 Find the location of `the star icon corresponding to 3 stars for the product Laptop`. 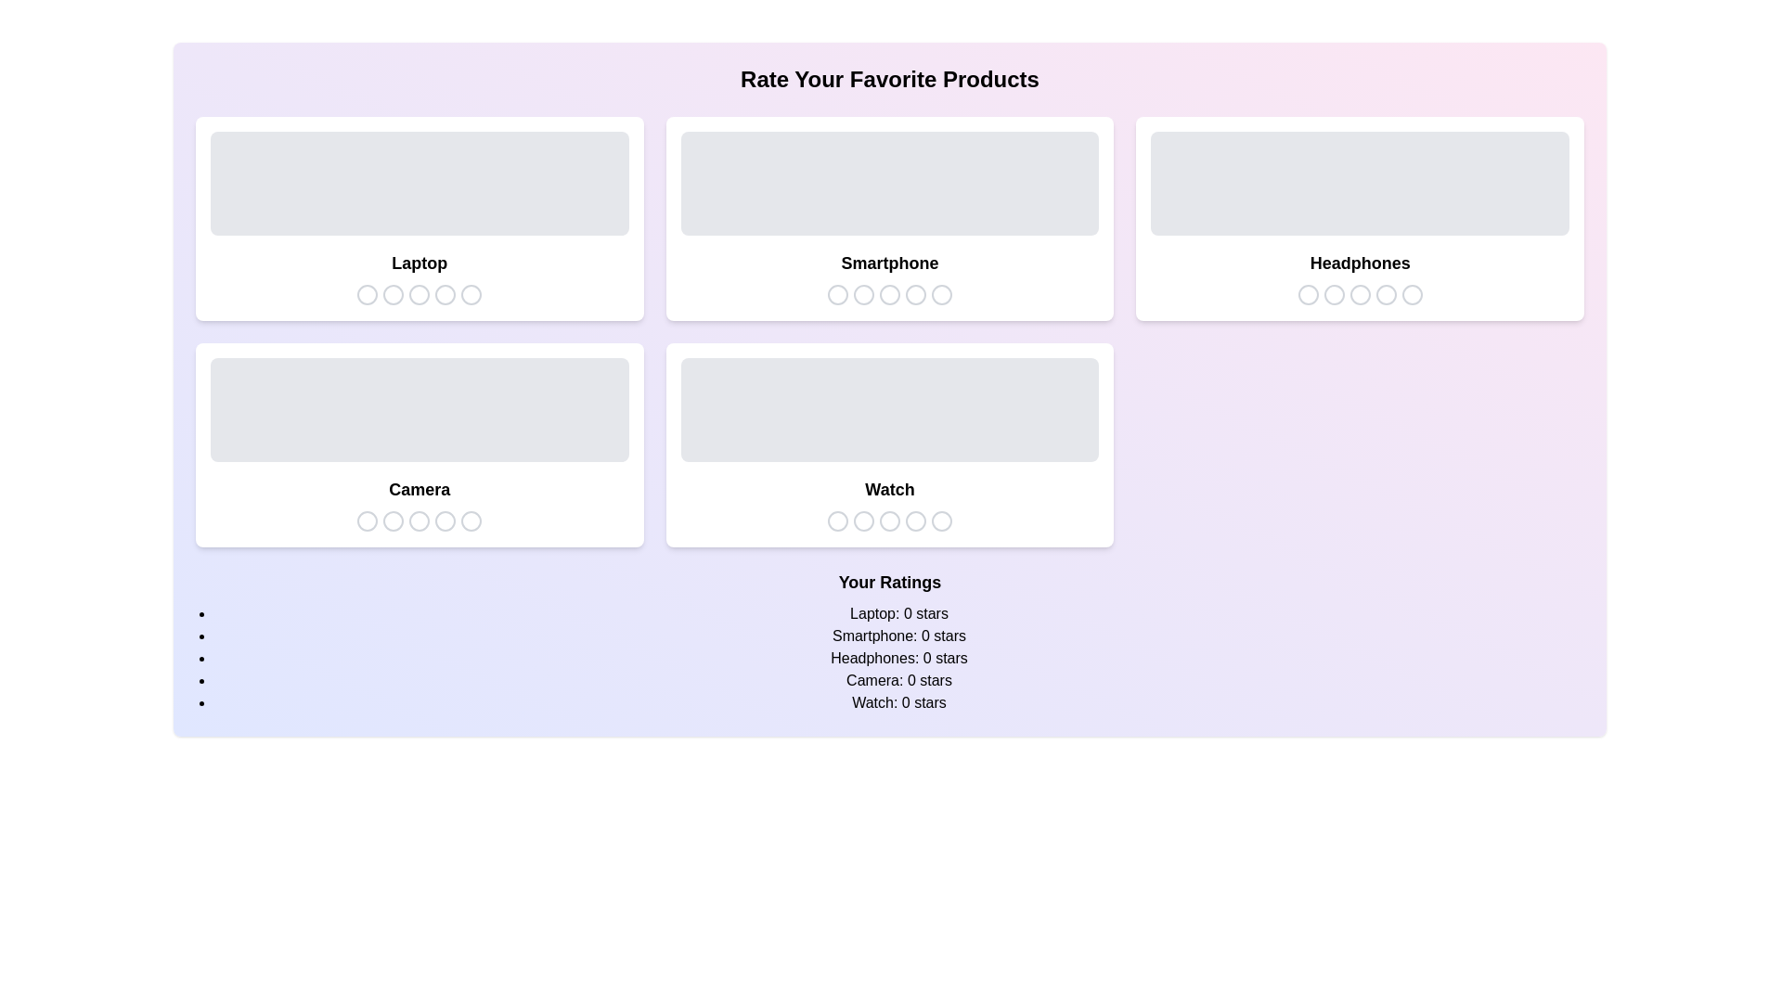

the star icon corresponding to 3 stars for the product Laptop is located at coordinates (418, 293).